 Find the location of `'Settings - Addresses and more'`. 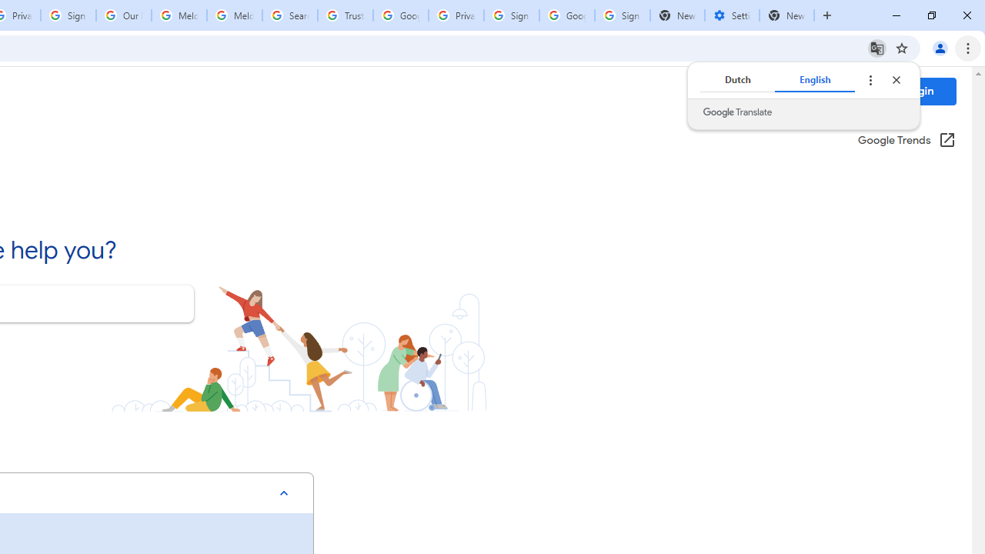

'Settings - Addresses and more' is located at coordinates (731, 15).